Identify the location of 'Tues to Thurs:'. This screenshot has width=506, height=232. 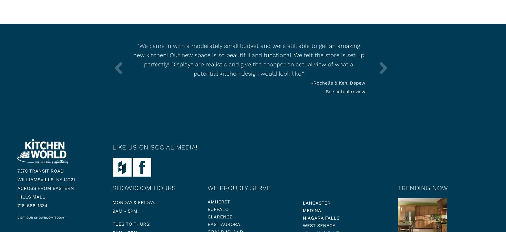
(112, 224).